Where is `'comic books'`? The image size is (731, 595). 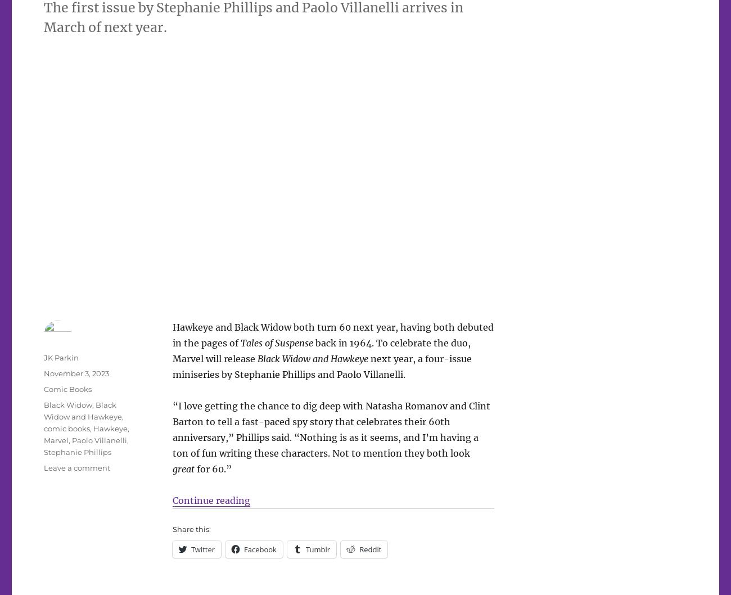 'comic books' is located at coordinates (66, 428).